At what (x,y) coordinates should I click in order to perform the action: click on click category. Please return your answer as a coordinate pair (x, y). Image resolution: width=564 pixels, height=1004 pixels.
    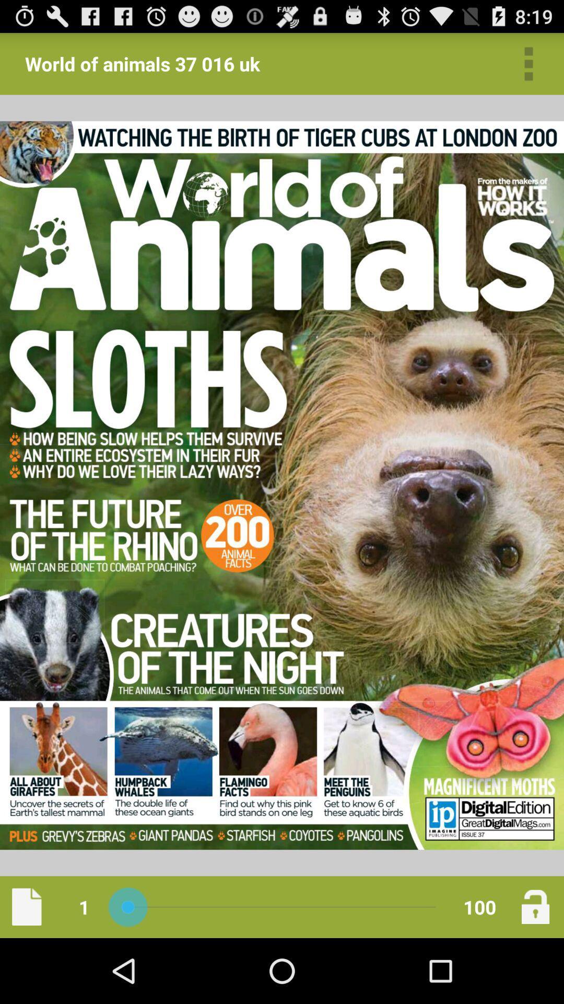
    Looking at the image, I should click on (528, 63).